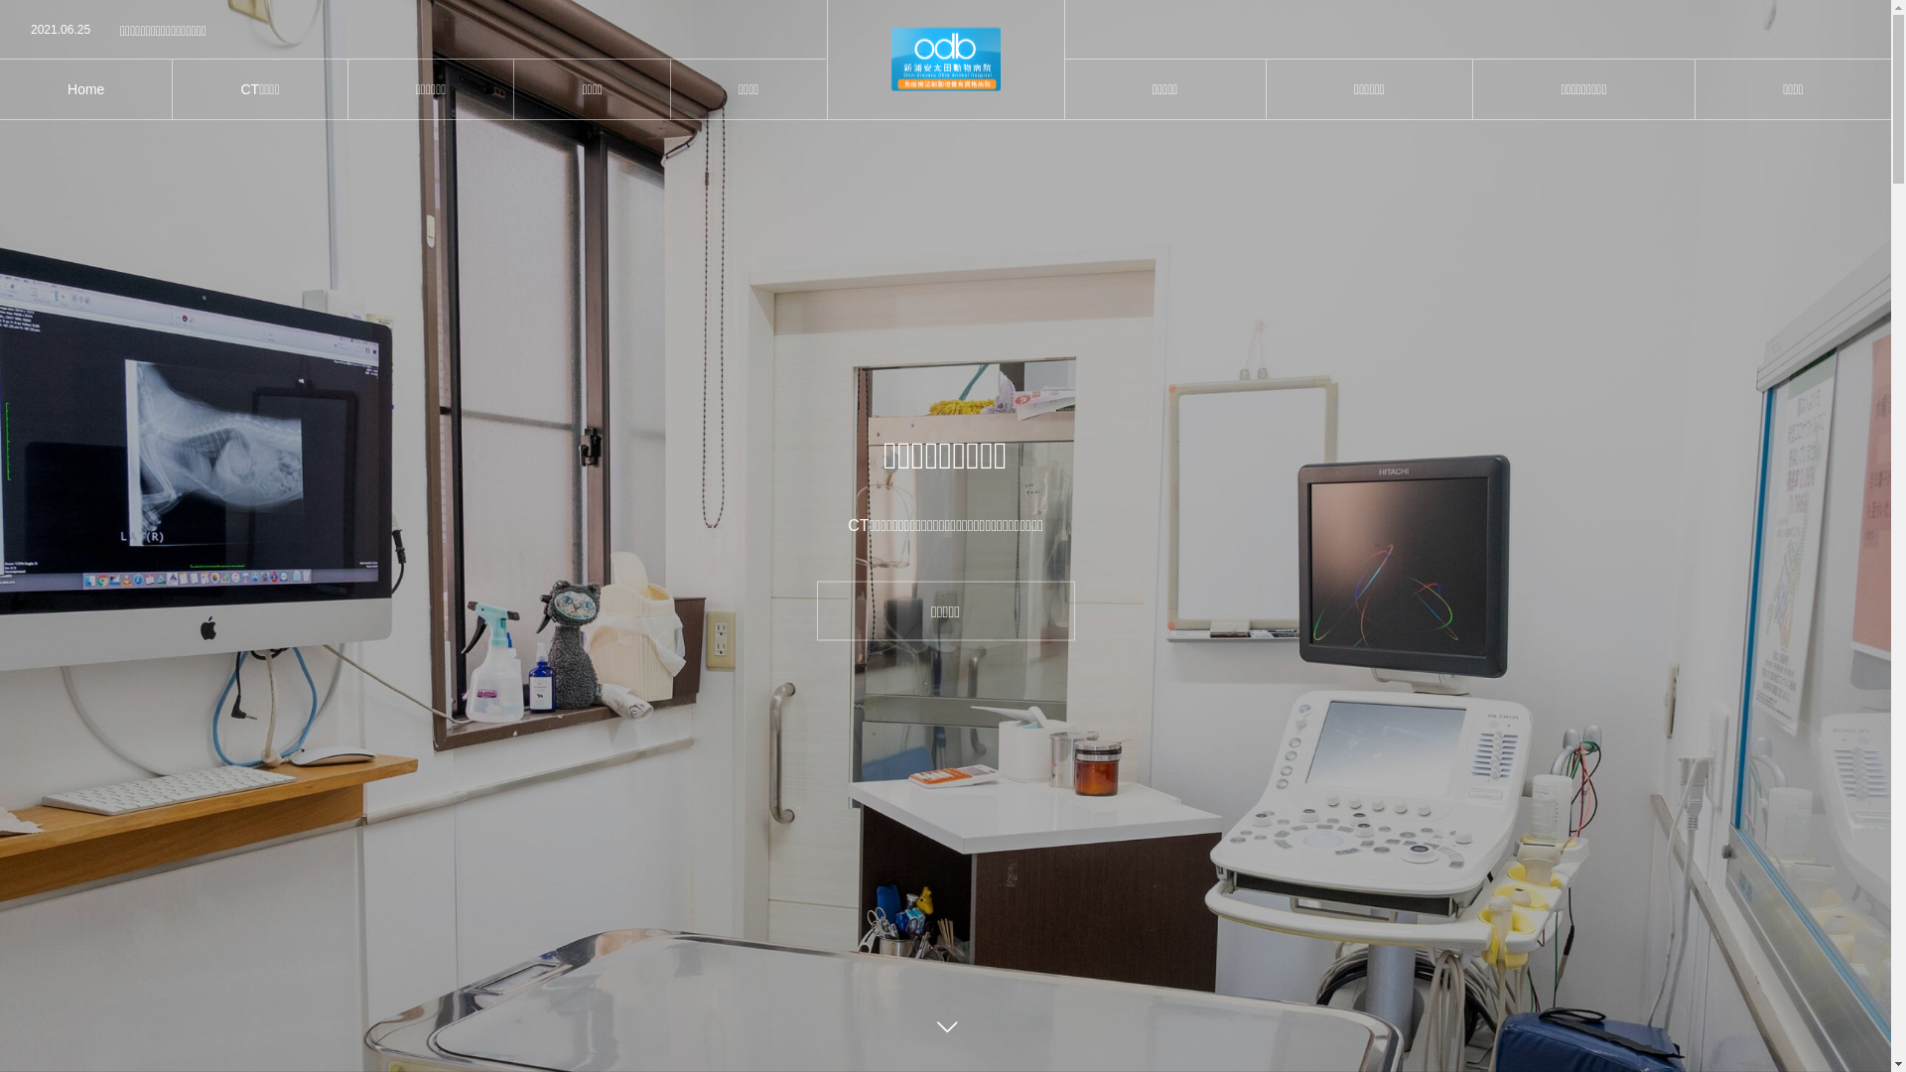 This screenshot has width=1906, height=1072. I want to click on 'Home', so click(0, 87).